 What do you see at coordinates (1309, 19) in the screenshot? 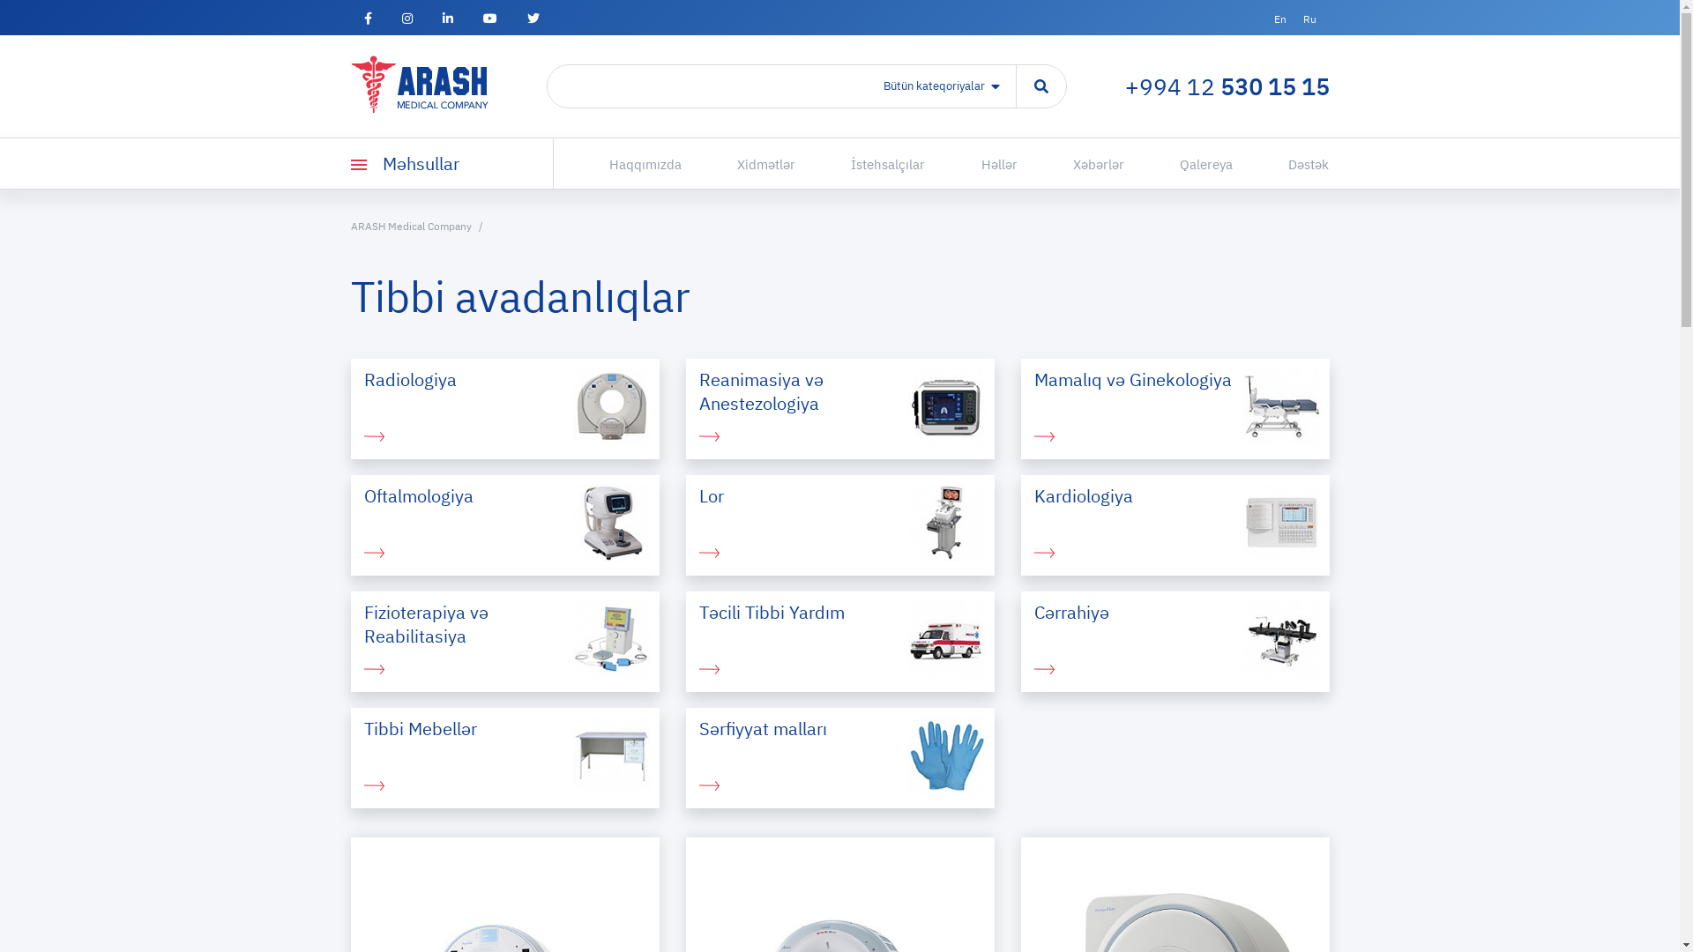
I see `'Ru'` at bounding box center [1309, 19].